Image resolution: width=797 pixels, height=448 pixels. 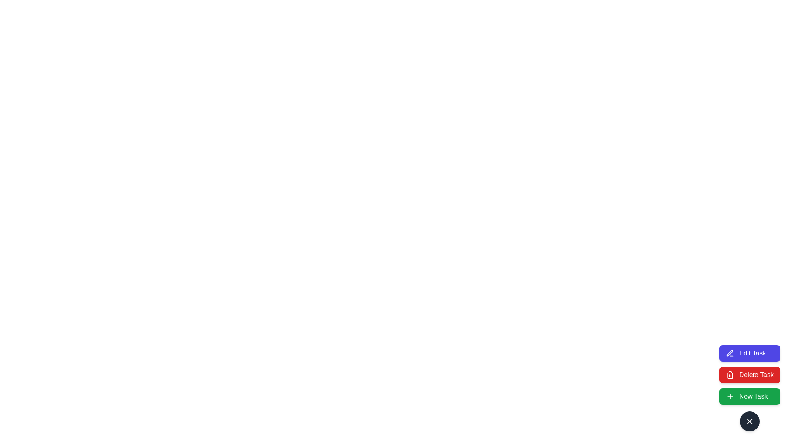 What do you see at coordinates (749, 375) in the screenshot?
I see `'Delete Task' button` at bounding box center [749, 375].